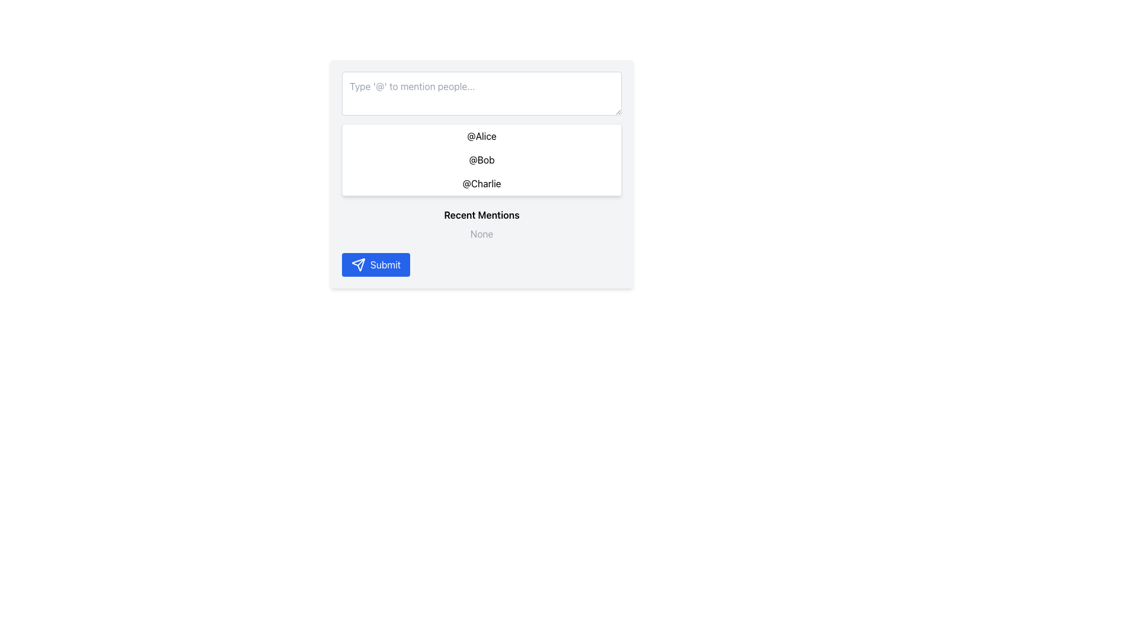  Describe the element at coordinates (481, 233) in the screenshot. I see `the Text label displaying 'None', which is styled in a lighter gray color and positioned directly under the 'Recent Mentions' label` at that location.